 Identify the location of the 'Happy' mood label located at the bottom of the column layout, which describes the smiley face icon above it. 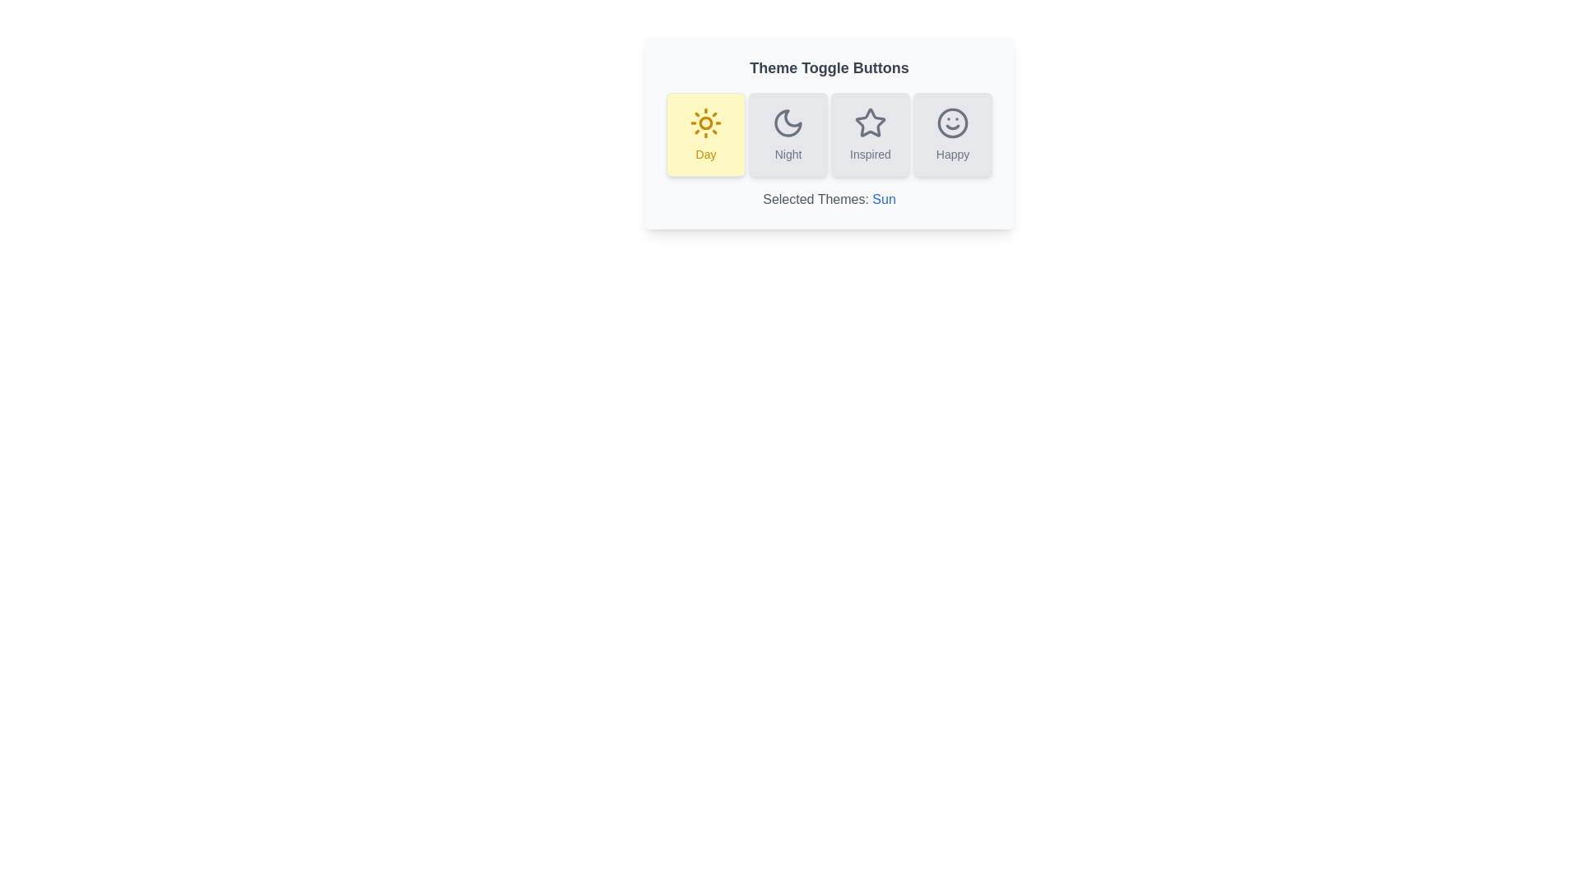
(952, 155).